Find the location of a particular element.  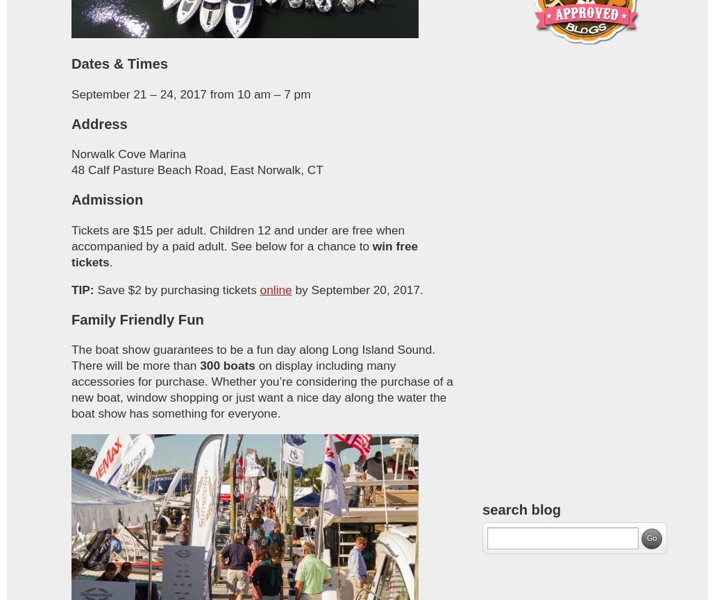

'48 Calf Pasture Beach Road, East Norwalk, CT' is located at coordinates (196, 169).